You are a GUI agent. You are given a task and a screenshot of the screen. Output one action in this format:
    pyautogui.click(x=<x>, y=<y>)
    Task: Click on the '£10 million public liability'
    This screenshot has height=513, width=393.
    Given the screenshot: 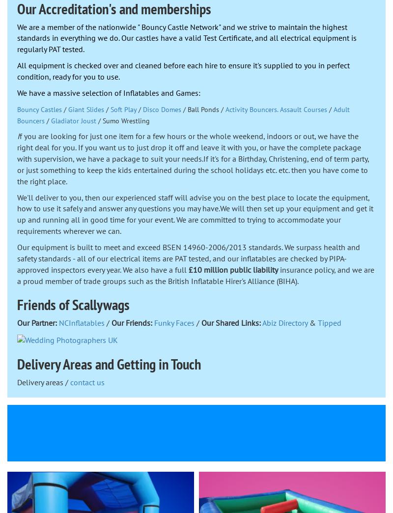 What is the action you would take?
    pyautogui.click(x=233, y=268)
    